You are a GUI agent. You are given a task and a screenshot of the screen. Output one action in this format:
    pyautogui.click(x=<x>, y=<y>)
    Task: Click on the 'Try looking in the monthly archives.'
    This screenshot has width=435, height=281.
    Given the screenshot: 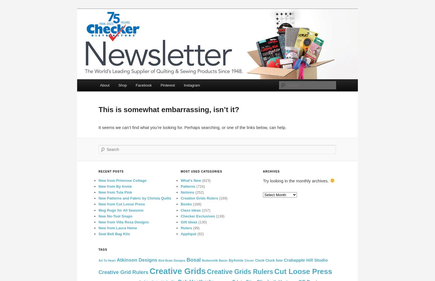 What is the action you would take?
    pyautogui.click(x=296, y=180)
    